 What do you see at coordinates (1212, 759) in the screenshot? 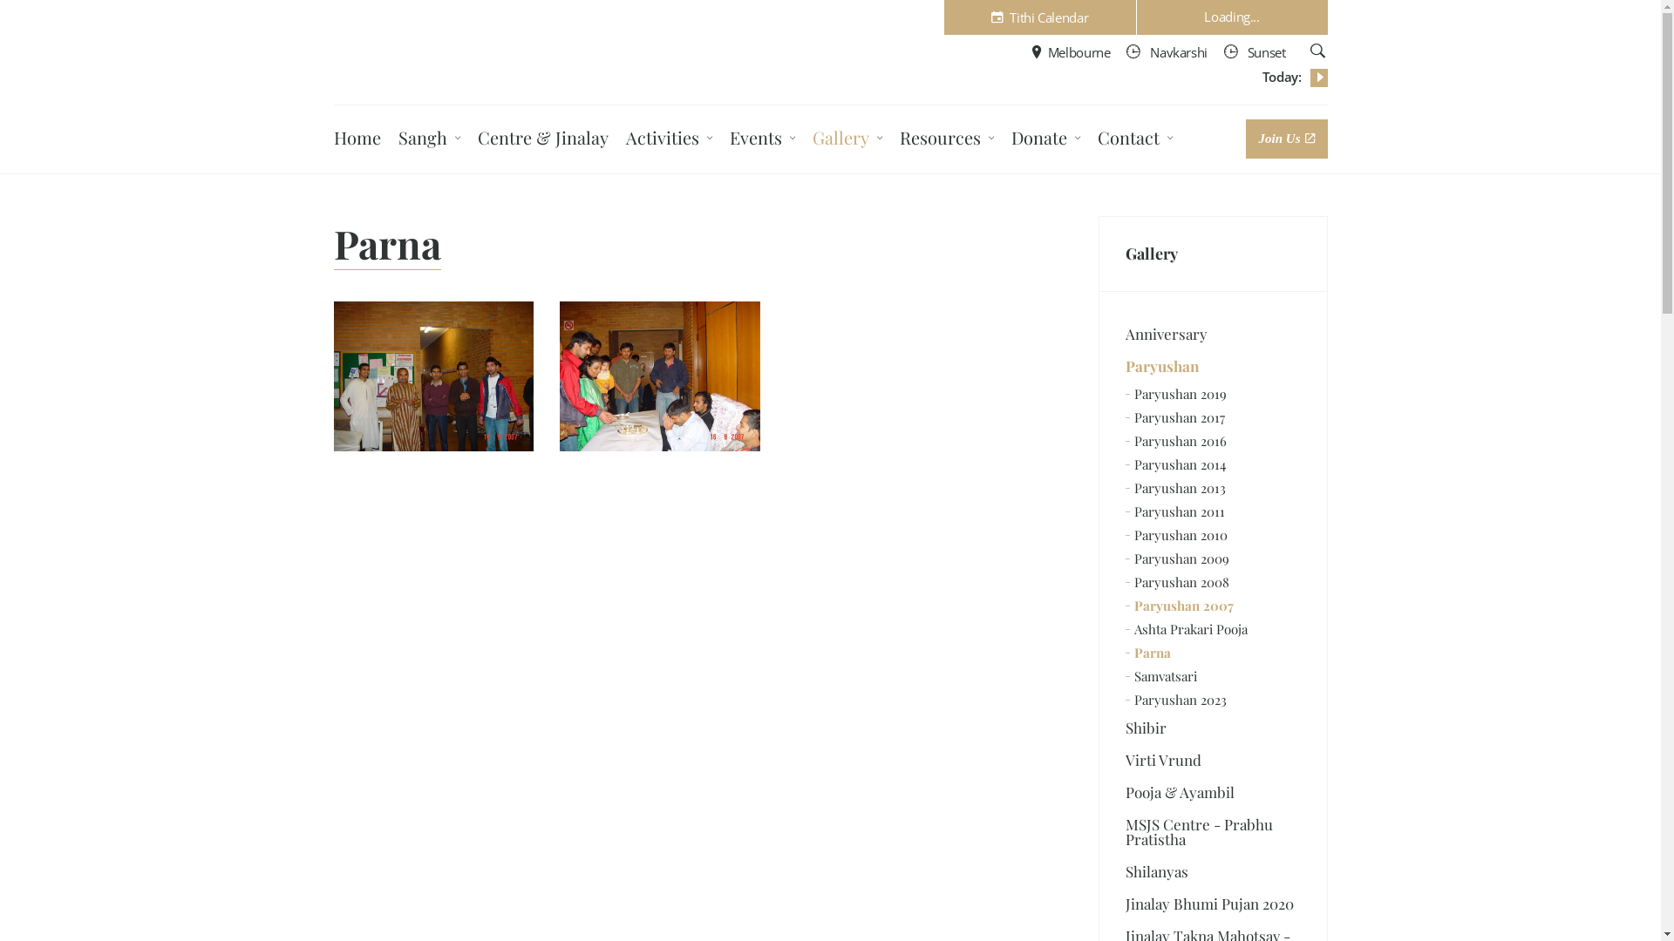
I see `'Virti Vrund'` at bounding box center [1212, 759].